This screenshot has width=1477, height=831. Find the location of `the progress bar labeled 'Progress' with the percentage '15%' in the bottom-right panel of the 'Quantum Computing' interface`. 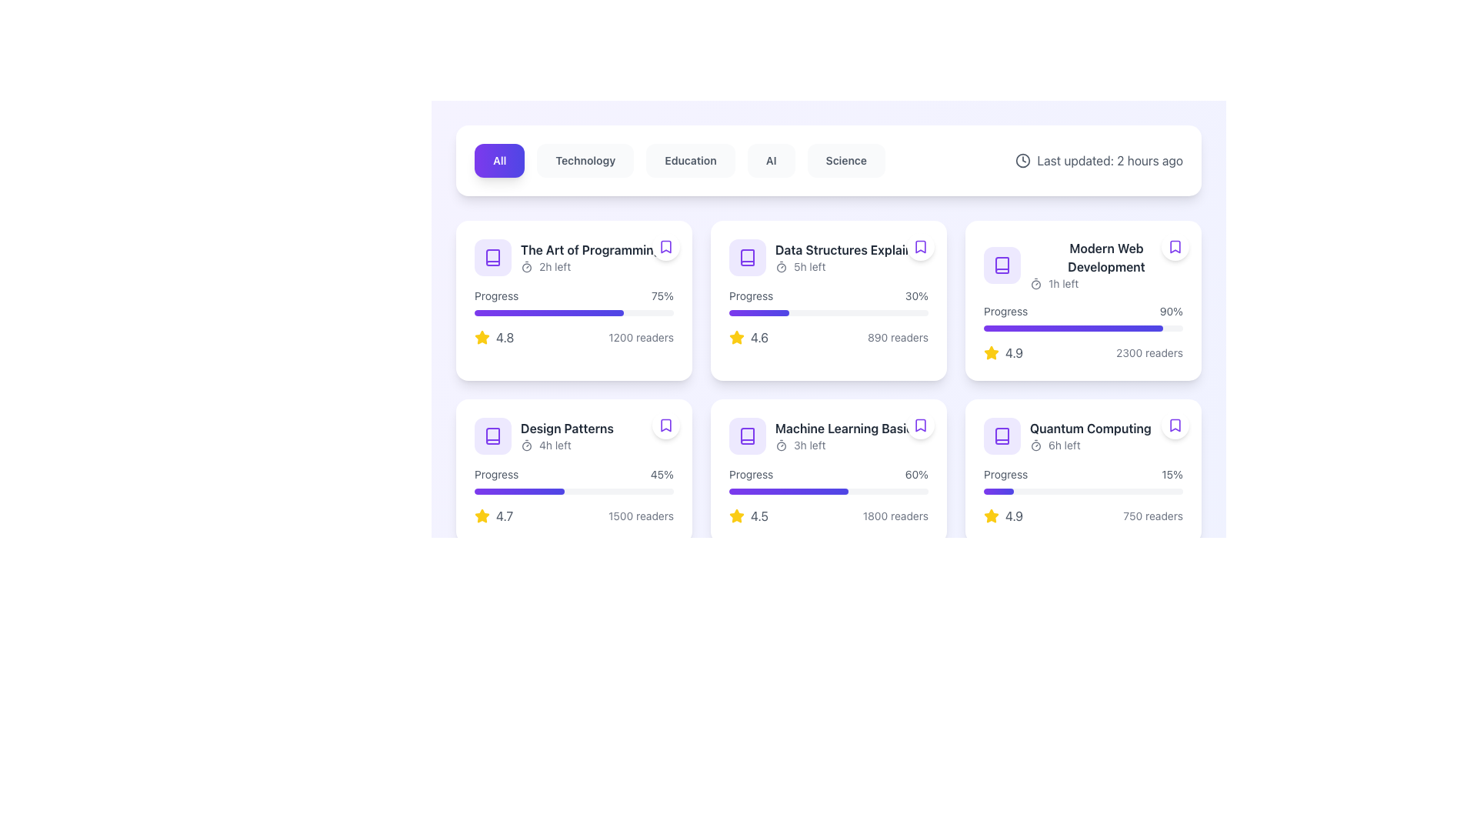

the progress bar labeled 'Progress' with the percentage '15%' in the bottom-right panel of the 'Quantum Computing' interface is located at coordinates (1082, 479).